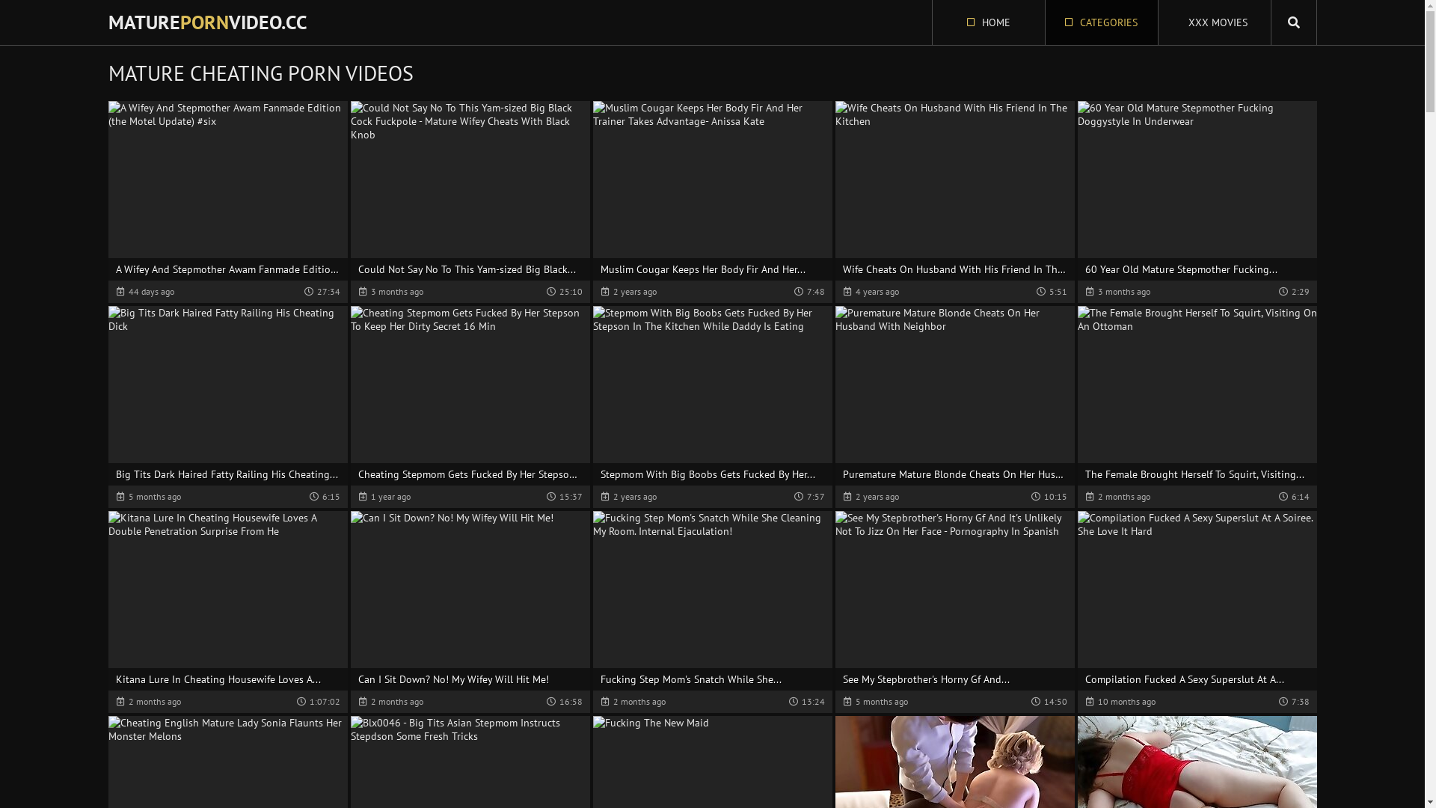  What do you see at coordinates (1102, 22) in the screenshot?
I see `'CATEGORIES'` at bounding box center [1102, 22].